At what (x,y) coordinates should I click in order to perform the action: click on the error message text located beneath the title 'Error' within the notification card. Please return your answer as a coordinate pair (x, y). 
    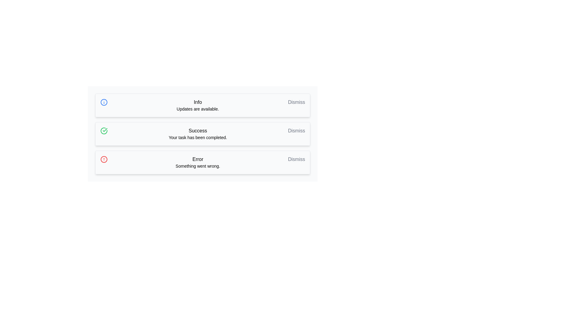
    Looking at the image, I should click on (198, 166).